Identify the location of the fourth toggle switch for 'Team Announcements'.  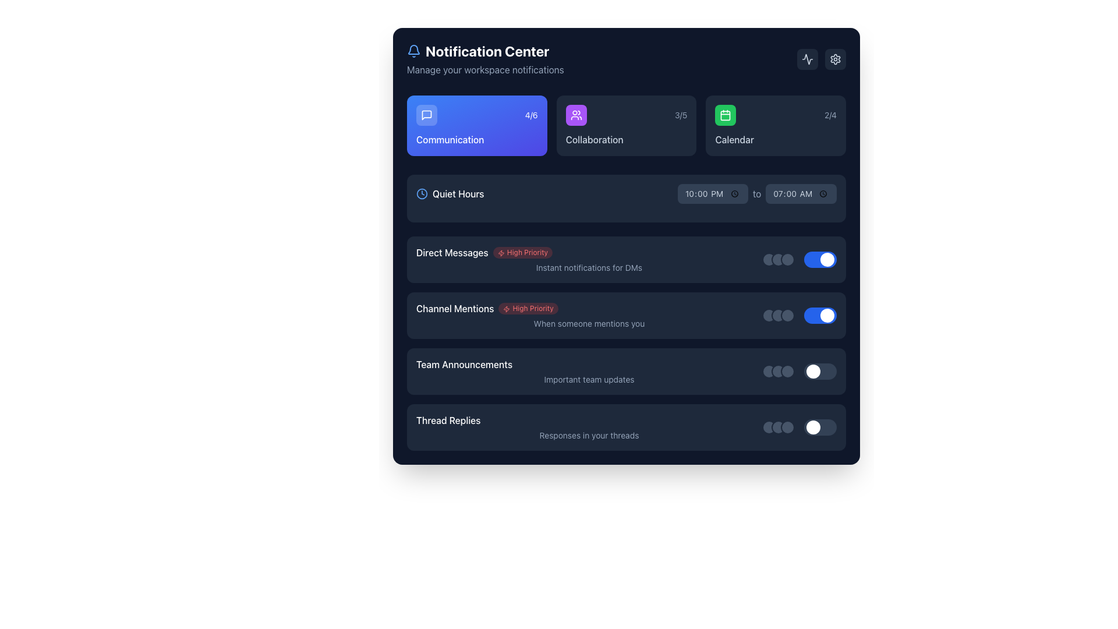
(820, 371).